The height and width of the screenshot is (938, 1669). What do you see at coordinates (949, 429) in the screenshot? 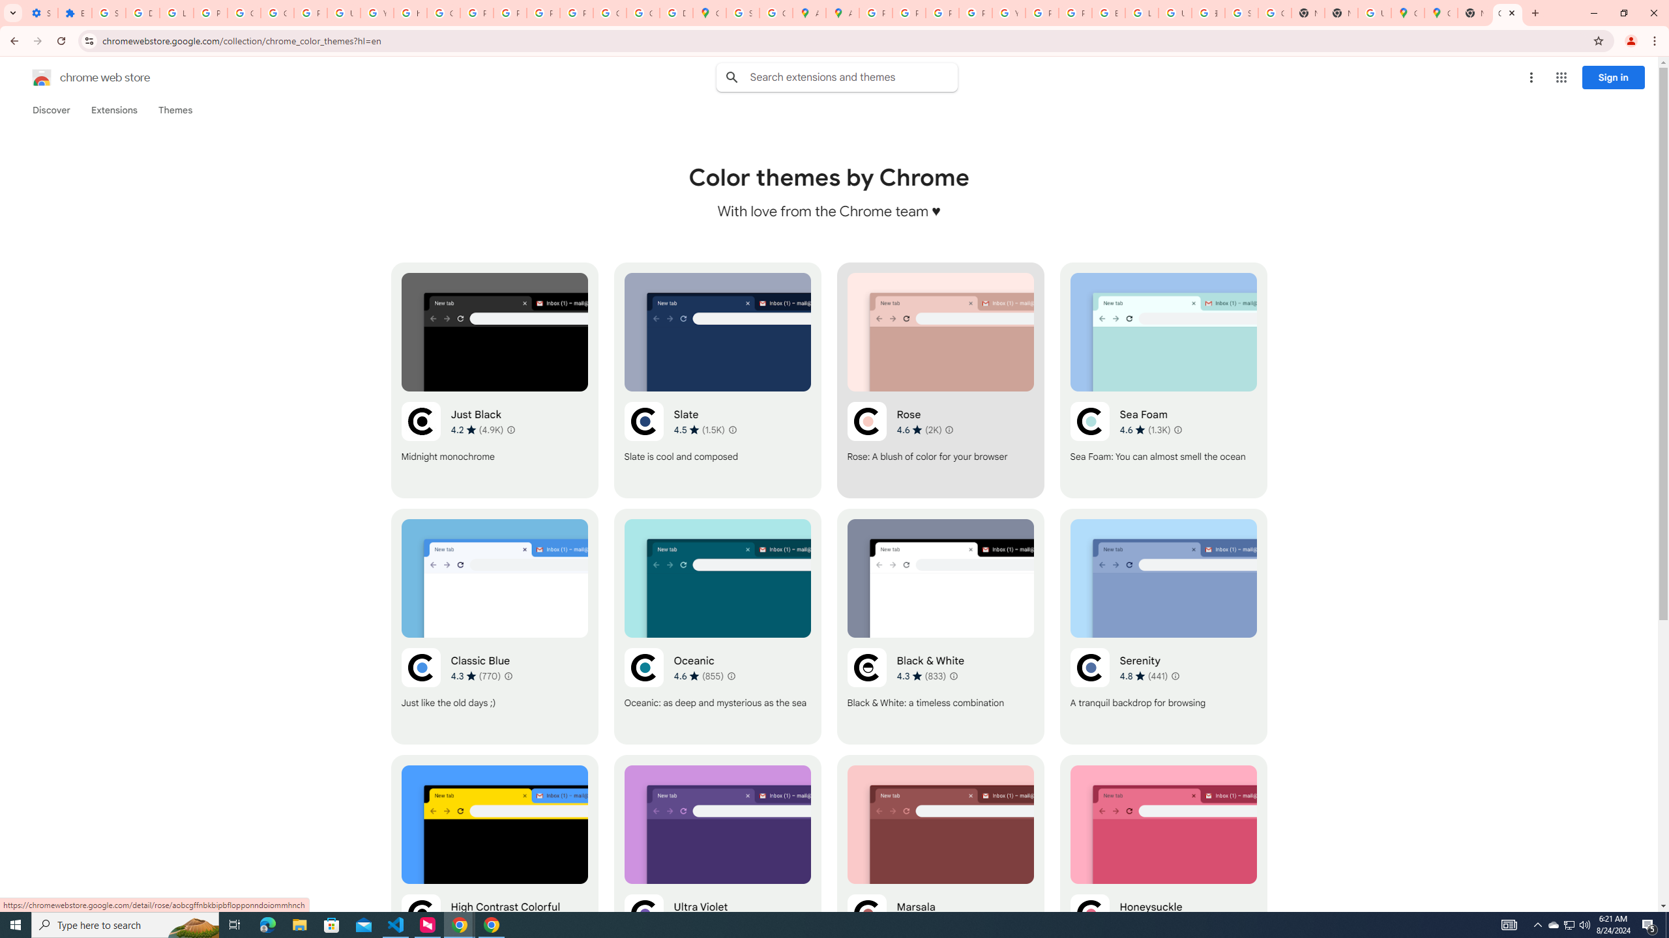
I see `'Learn more about results and reviews "Rose"'` at bounding box center [949, 429].